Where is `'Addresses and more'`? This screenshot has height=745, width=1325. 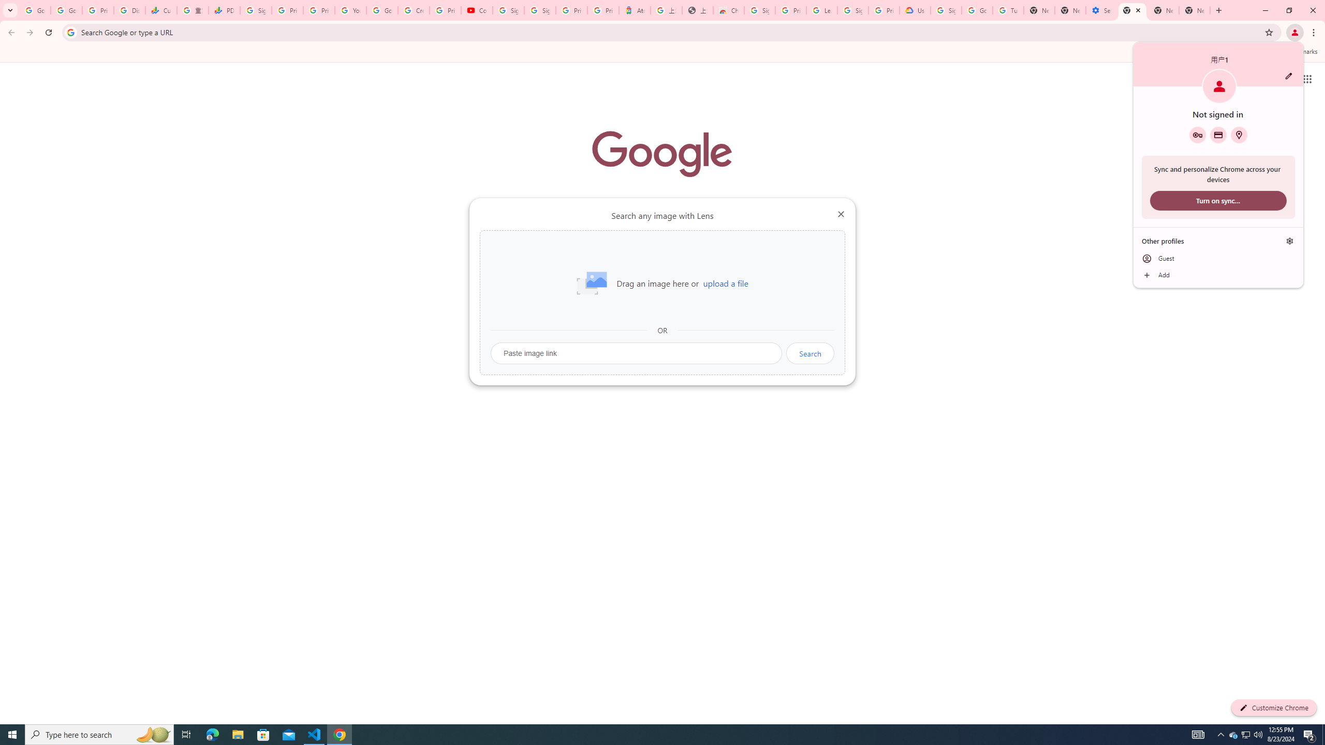 'Addresses and more' is located at coordinates (1238, 135).